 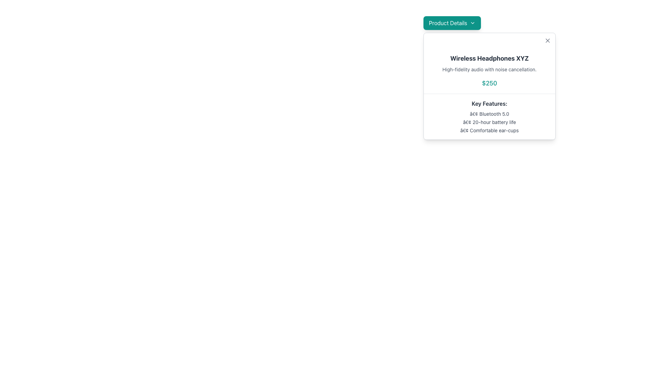 I want to click on the Text Label containing the description 'High-fidelity audio with noise cancellation.' which is positioned below the title 'Wireless Headphones XYZ' and above the price '$250', so click(x=489, y=69).